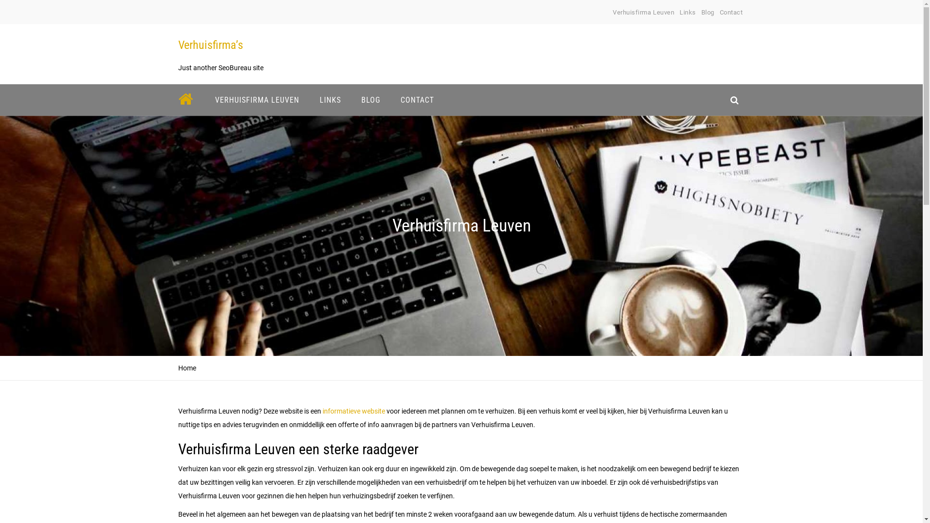 This screenshot has width=930, height=523. What do you see at coordinates (612, 12) in the screenshot?
I see `'Verhuisfirma Leuven'` at bounding box center [612, 12].